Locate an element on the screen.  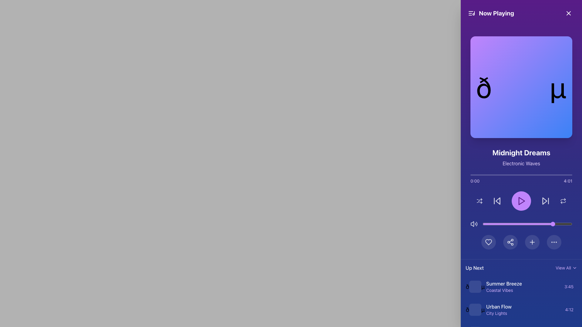
the downward-facing chevron icon located in the bottom-right region of the interface next to the 'View All' text label is located at coordinates (574, 267).